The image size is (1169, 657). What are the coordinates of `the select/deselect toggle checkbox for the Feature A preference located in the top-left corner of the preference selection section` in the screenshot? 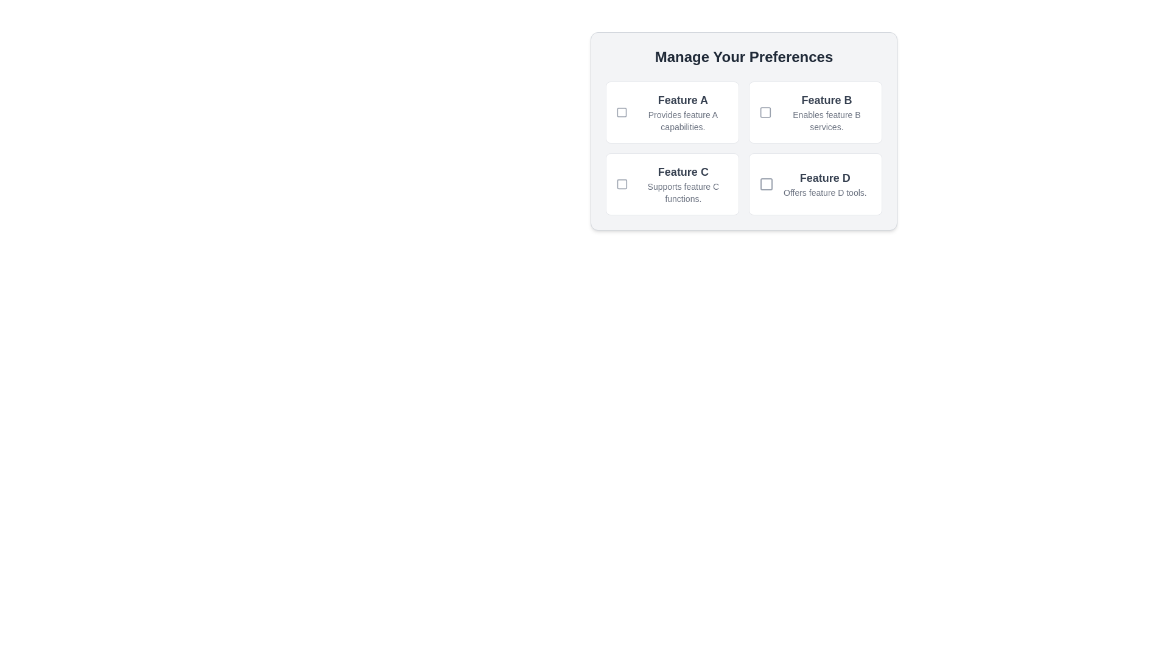 It's located at (622, 113).